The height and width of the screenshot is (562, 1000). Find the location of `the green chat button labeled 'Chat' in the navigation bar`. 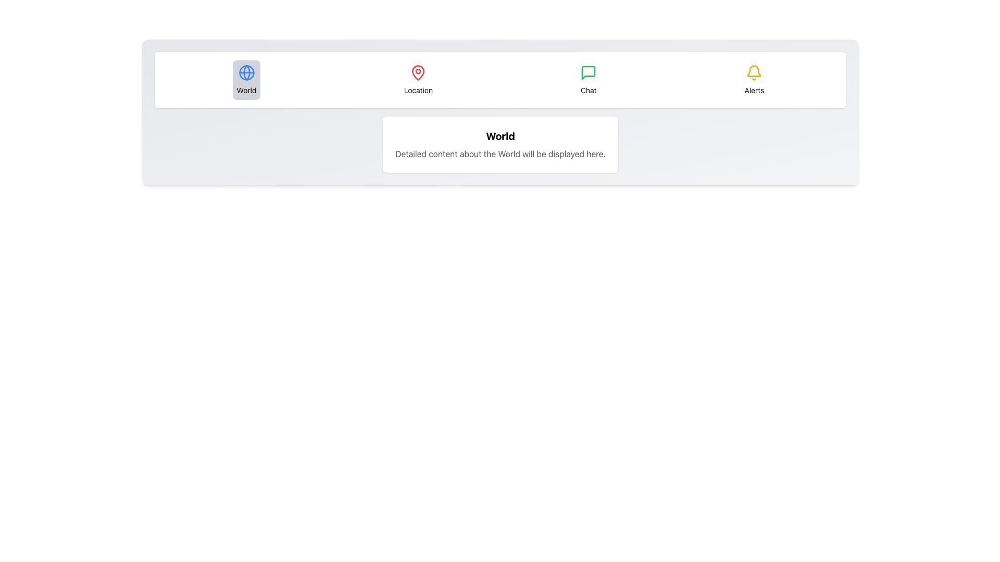

the green chat button labeled 'Chat' in the navigation bar is located at coordinates (589, 80).